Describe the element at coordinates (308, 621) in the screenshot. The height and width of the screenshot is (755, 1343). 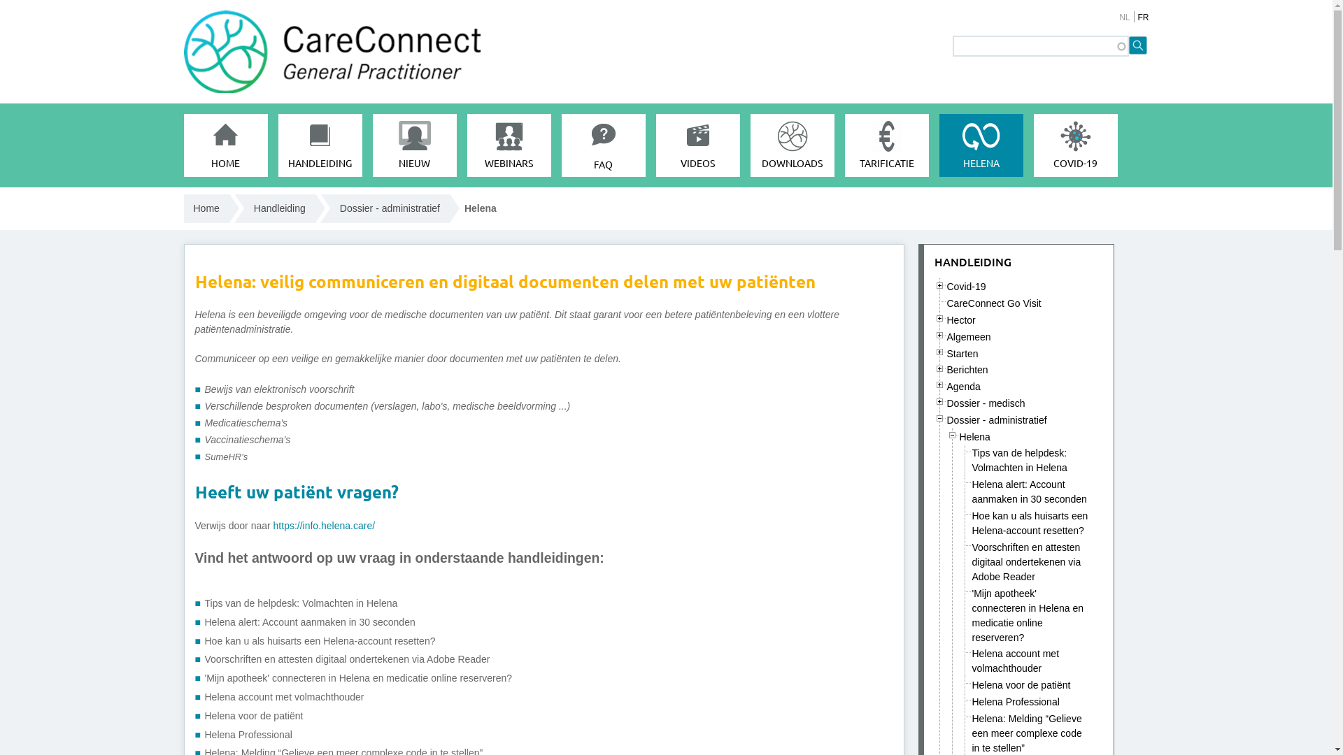
I see `'Helena alert: Account aanmaken in 30 seconden'` at that location.